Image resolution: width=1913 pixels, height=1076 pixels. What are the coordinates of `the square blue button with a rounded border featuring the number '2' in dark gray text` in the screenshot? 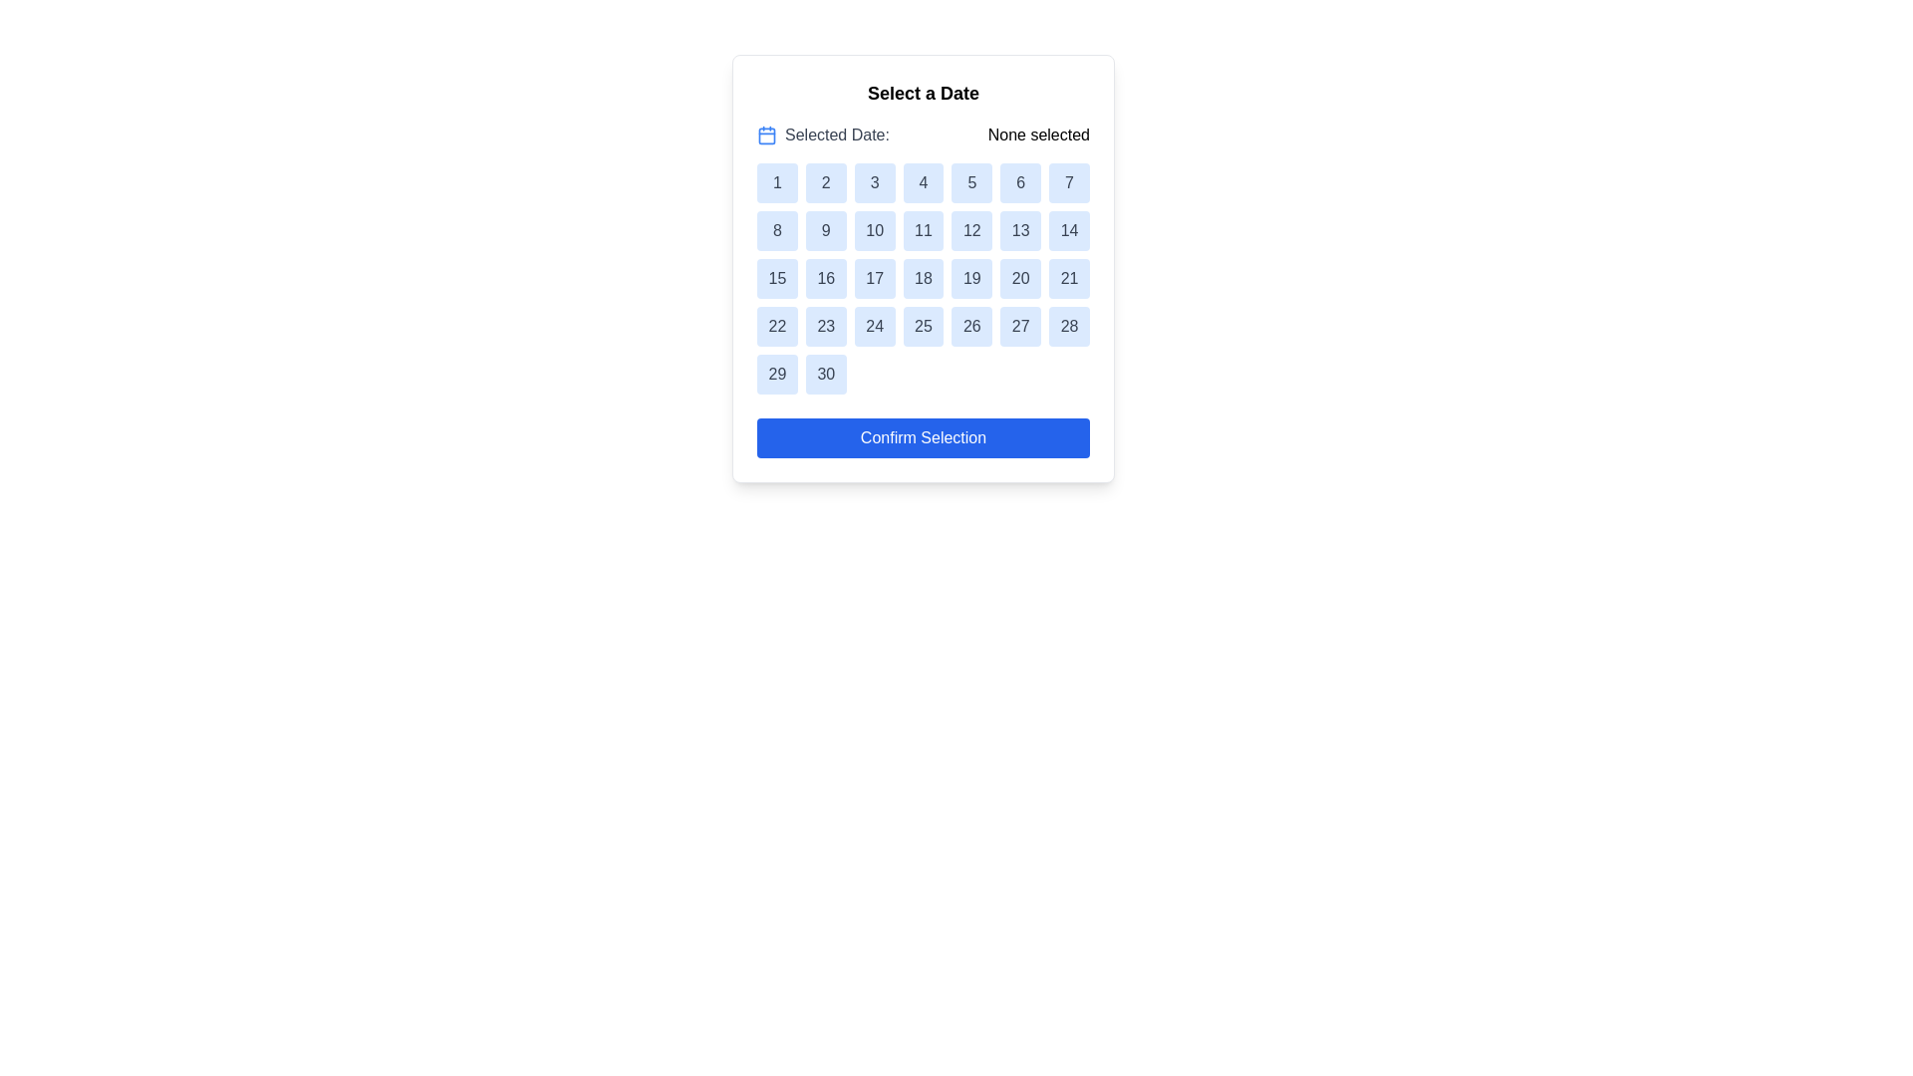 It's located at (826, 183).